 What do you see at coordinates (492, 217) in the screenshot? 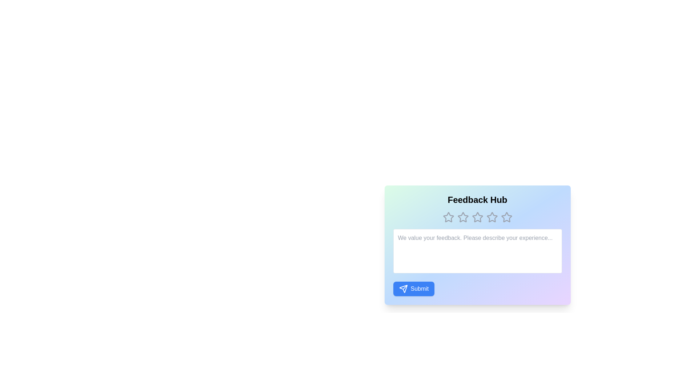
I see `the star corresponding to 4 to preview selection` at bounding box center [492, 217].